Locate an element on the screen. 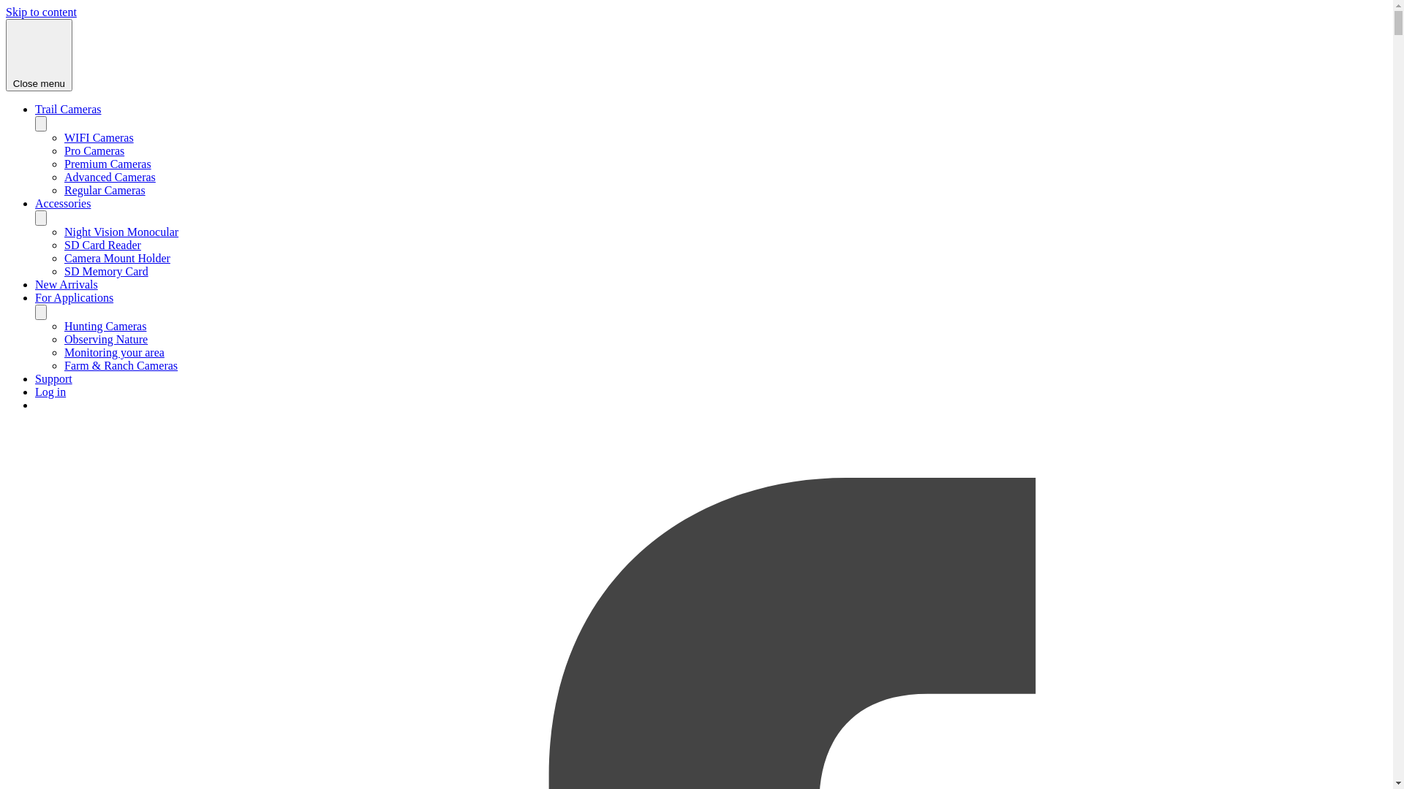 The height and width of the screenshot is (789, 1404). 'Premium Cameras' is located at coordinates (107, 164).